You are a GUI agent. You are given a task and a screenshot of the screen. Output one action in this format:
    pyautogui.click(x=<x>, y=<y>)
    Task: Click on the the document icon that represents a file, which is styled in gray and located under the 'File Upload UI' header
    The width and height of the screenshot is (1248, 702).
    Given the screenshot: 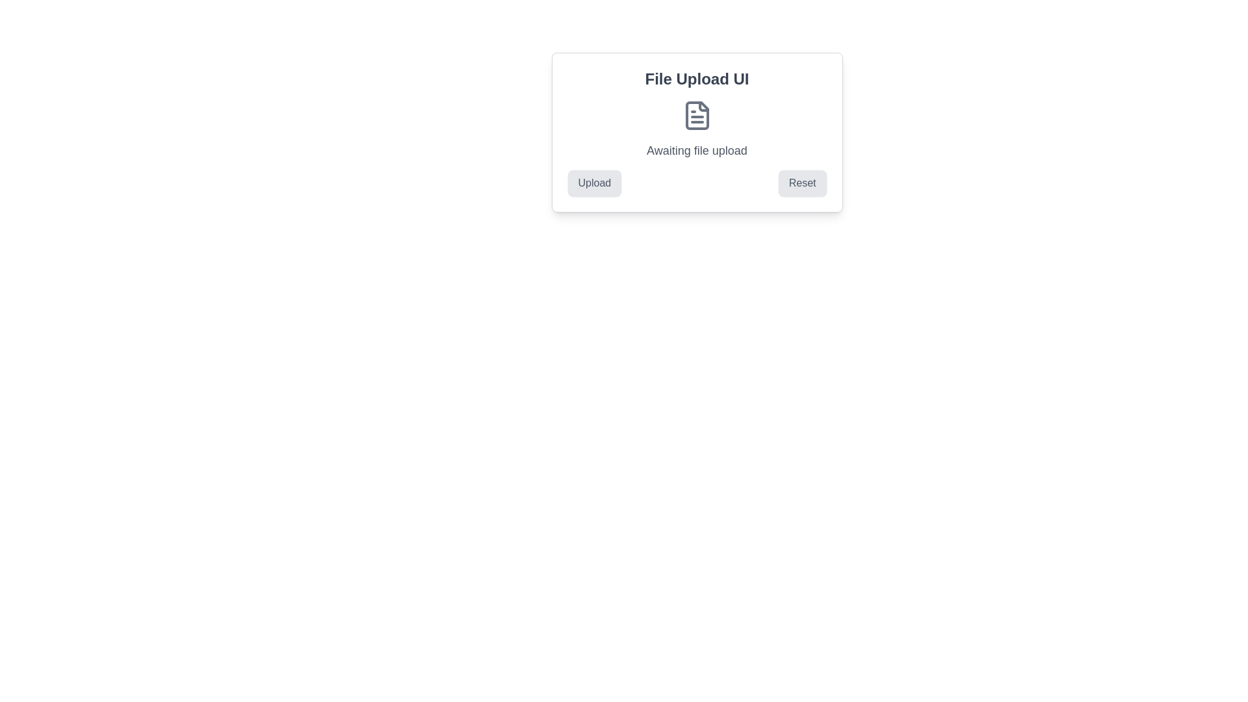 What is the action you would take?
    pyautogui.click(x=696, y=114)
    